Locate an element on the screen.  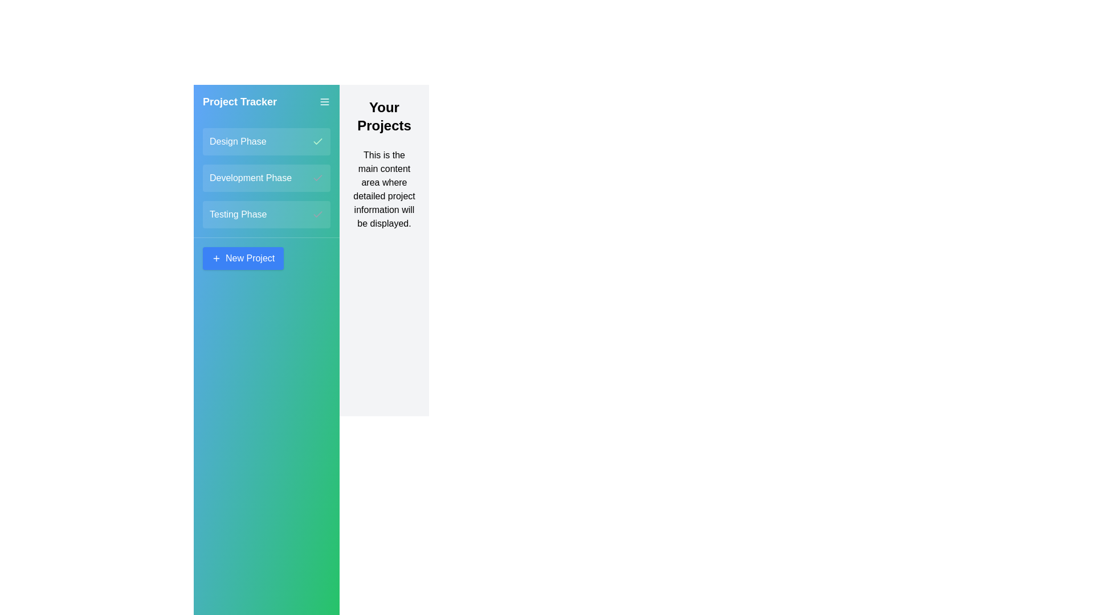
the menu button to toggle the drawer visibility is located at coordinates (324, 101).